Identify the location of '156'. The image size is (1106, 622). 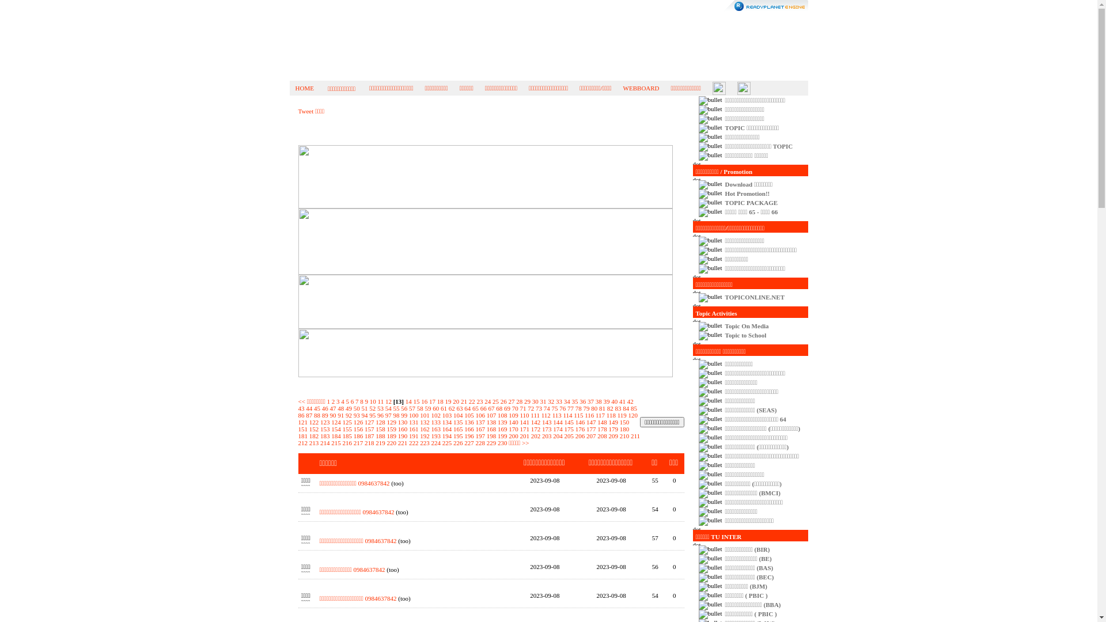
(358, 428).